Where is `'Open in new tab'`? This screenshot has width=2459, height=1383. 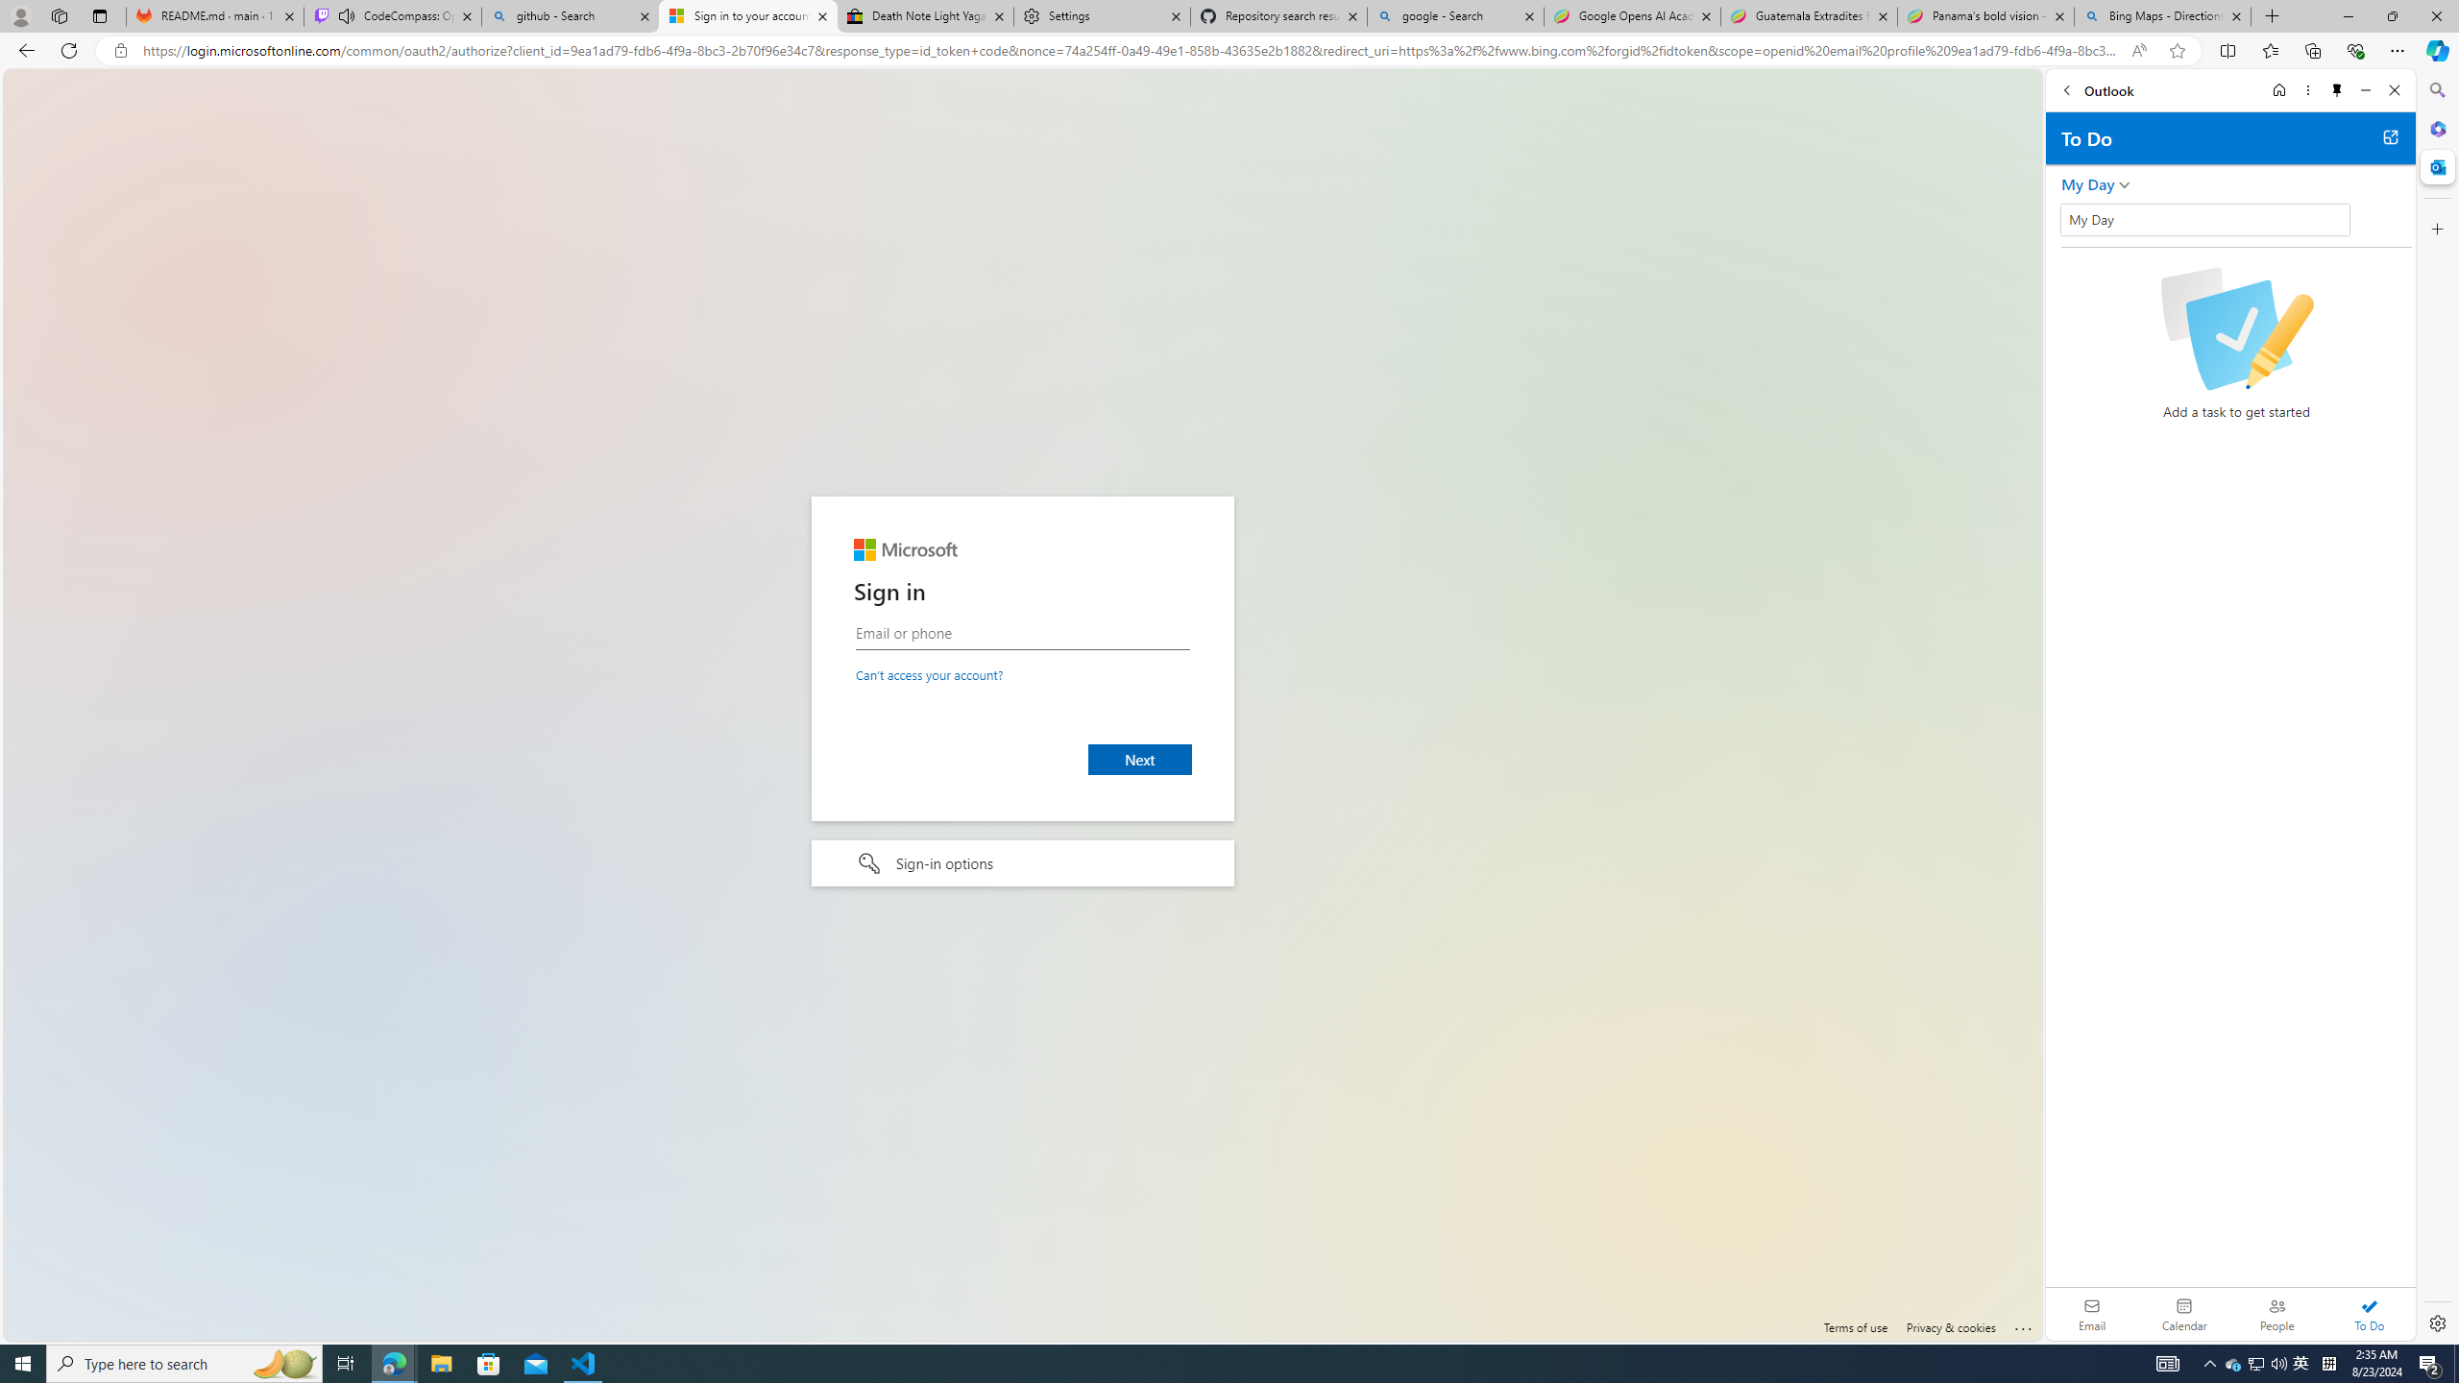 'Open in new tab' is located at coordinates (2389, 135).